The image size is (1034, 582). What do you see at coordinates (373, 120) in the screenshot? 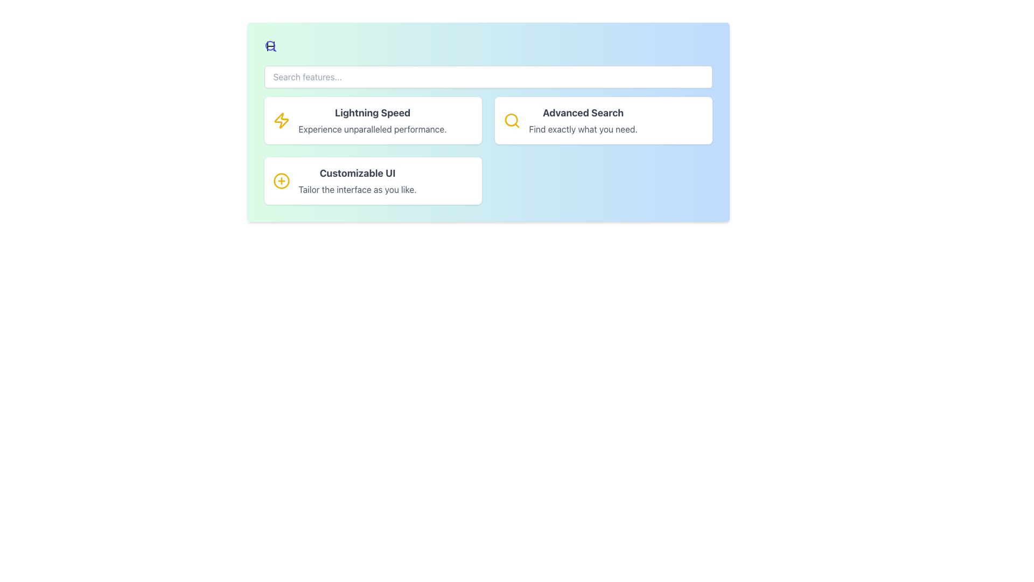
I see `the 'Lightning Speed' informational card, which is the first card on the left in a two-column layout, positioned above the 'Customizable UI' card` at bounding box center [373, 120].